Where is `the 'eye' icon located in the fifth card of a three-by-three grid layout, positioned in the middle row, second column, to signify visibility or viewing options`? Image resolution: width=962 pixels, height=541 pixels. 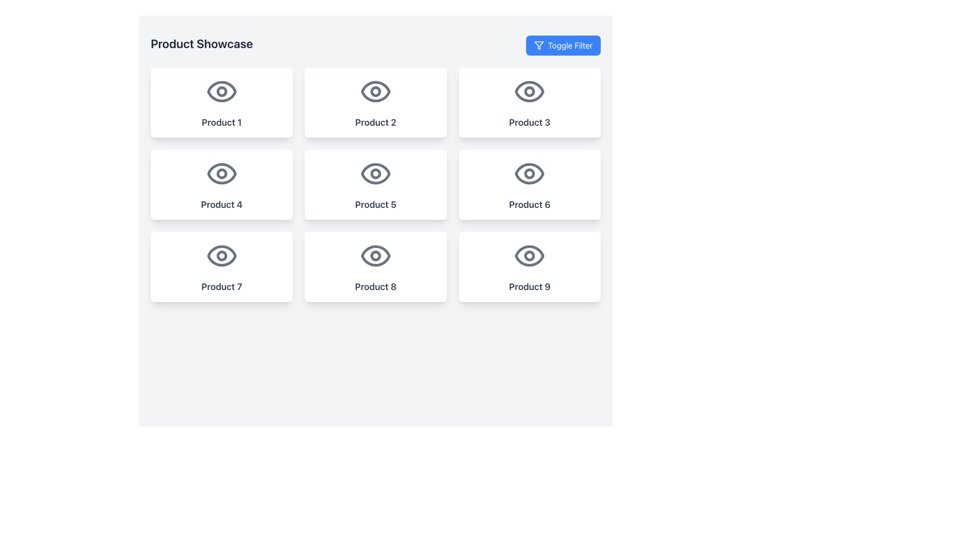 the 'eye' icon located in the fifth card of a three-by-three grid layout, positioned in the middle row, second column, to signify visibility or viewing options is located at coordinates (375, 173).